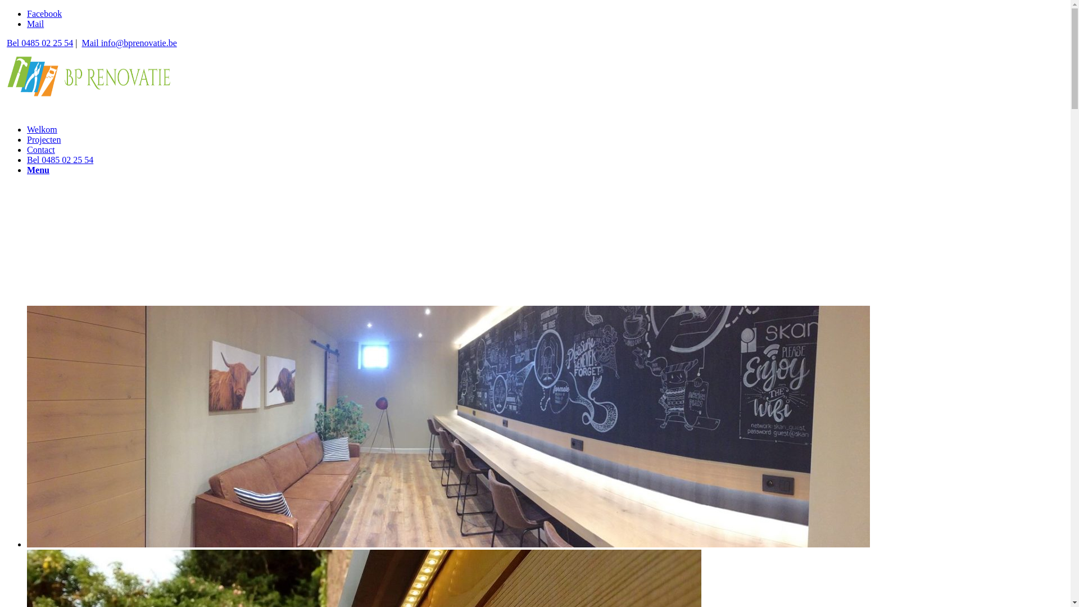  What do you see at coordinates (43, 139) in the screenshot?
I see `'Projecten'` at bounding box center [43, 139].